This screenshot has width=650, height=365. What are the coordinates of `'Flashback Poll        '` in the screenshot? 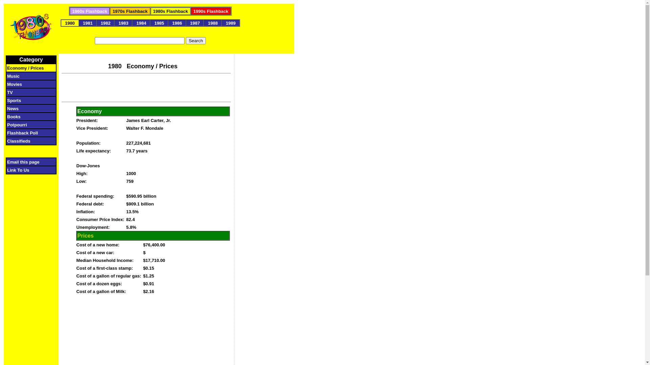 It's located at (7, 132).